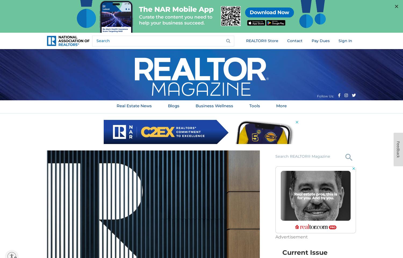 The image size is (403, 258). I want to click on 'Go', so click(349, 167).